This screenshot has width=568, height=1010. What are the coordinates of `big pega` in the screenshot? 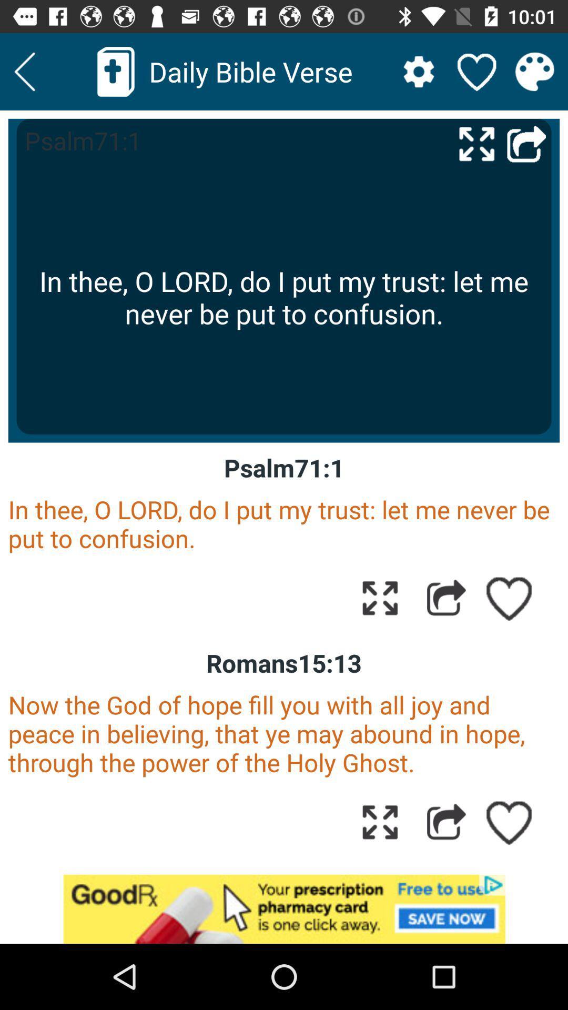 It's located at (476, 143).